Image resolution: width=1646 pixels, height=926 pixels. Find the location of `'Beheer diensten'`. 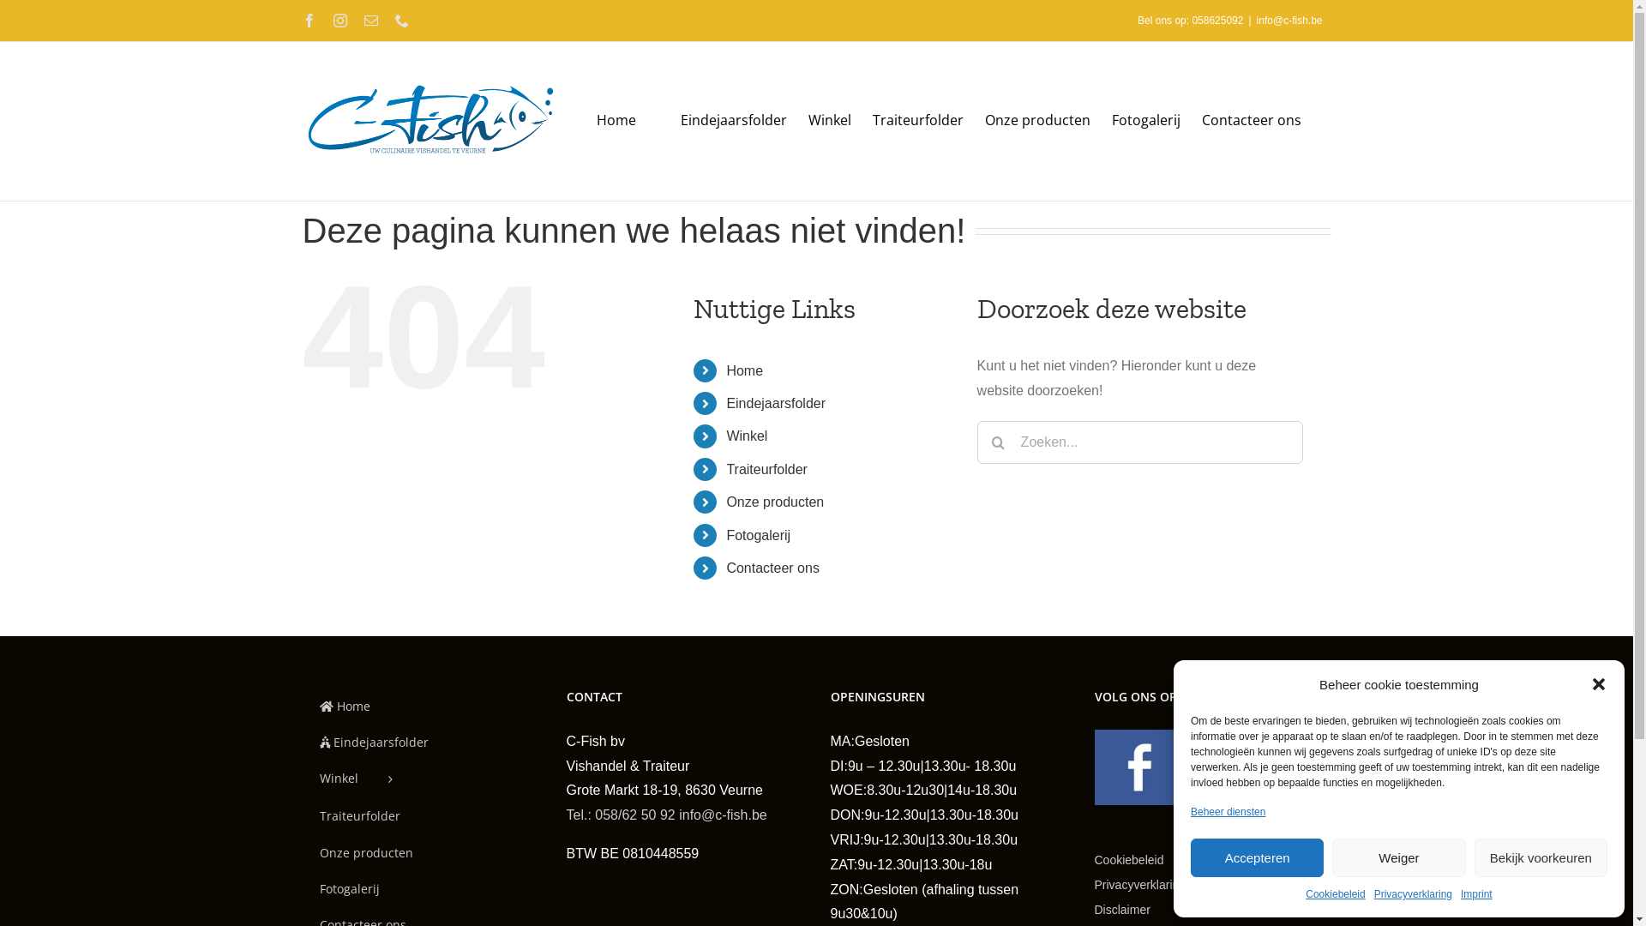

'Beheer diensten' is located at coordinates (1227, 812).